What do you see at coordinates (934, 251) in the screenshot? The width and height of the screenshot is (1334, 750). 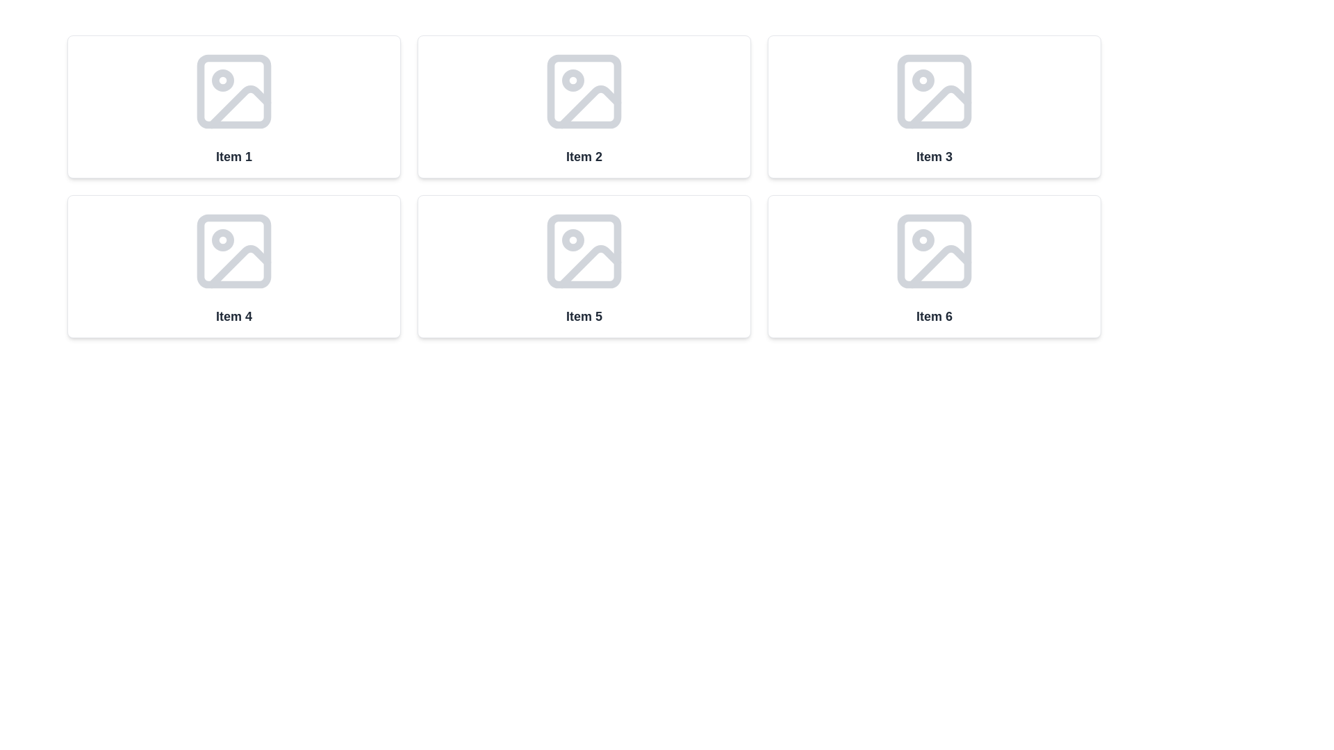 I see `the small square with rounded corners located inside the 'Item 6' icon in the top-left corner of the photo-like frame` at bounding box center [934, 251].